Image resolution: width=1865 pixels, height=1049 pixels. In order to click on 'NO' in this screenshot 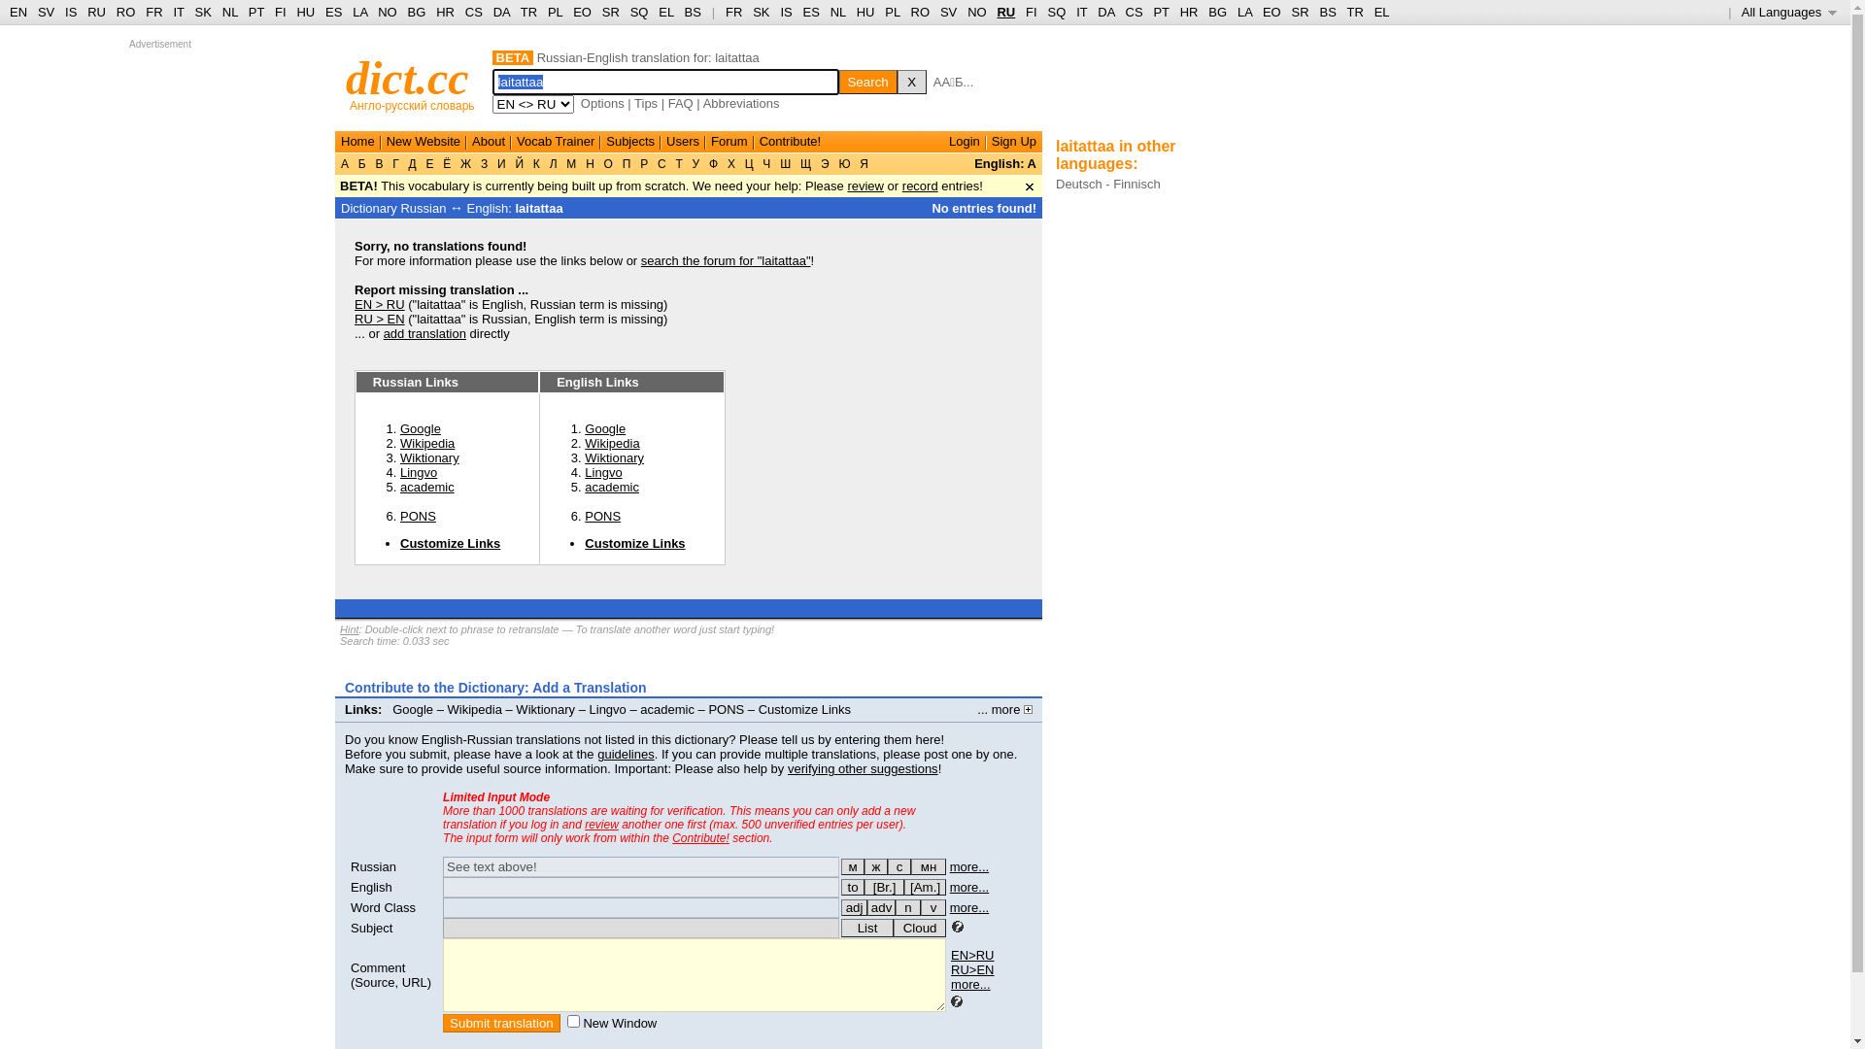, I will do `click(387, 12)`.